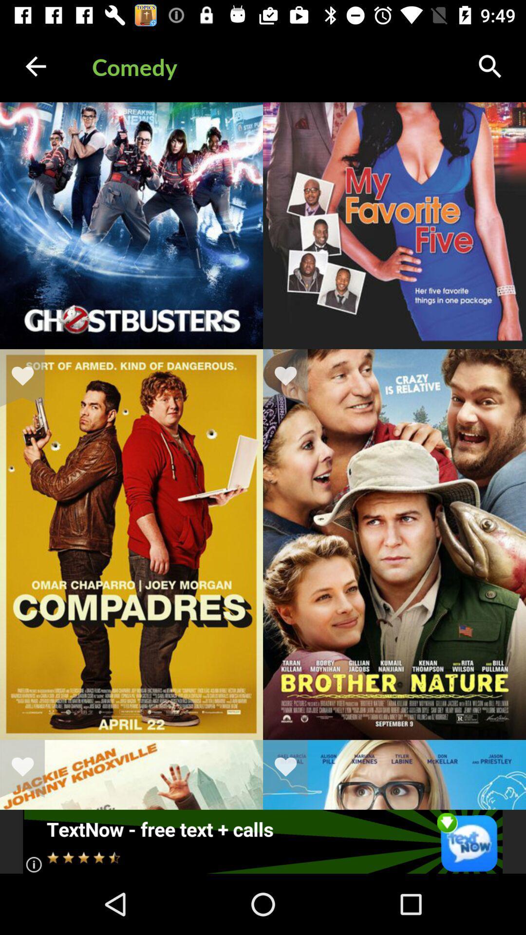 Image resolution: width=526 pixels, height=935 pixels. Describe the element at coordinates (262, 841) in the screenshot. I see `send a text` at that location.